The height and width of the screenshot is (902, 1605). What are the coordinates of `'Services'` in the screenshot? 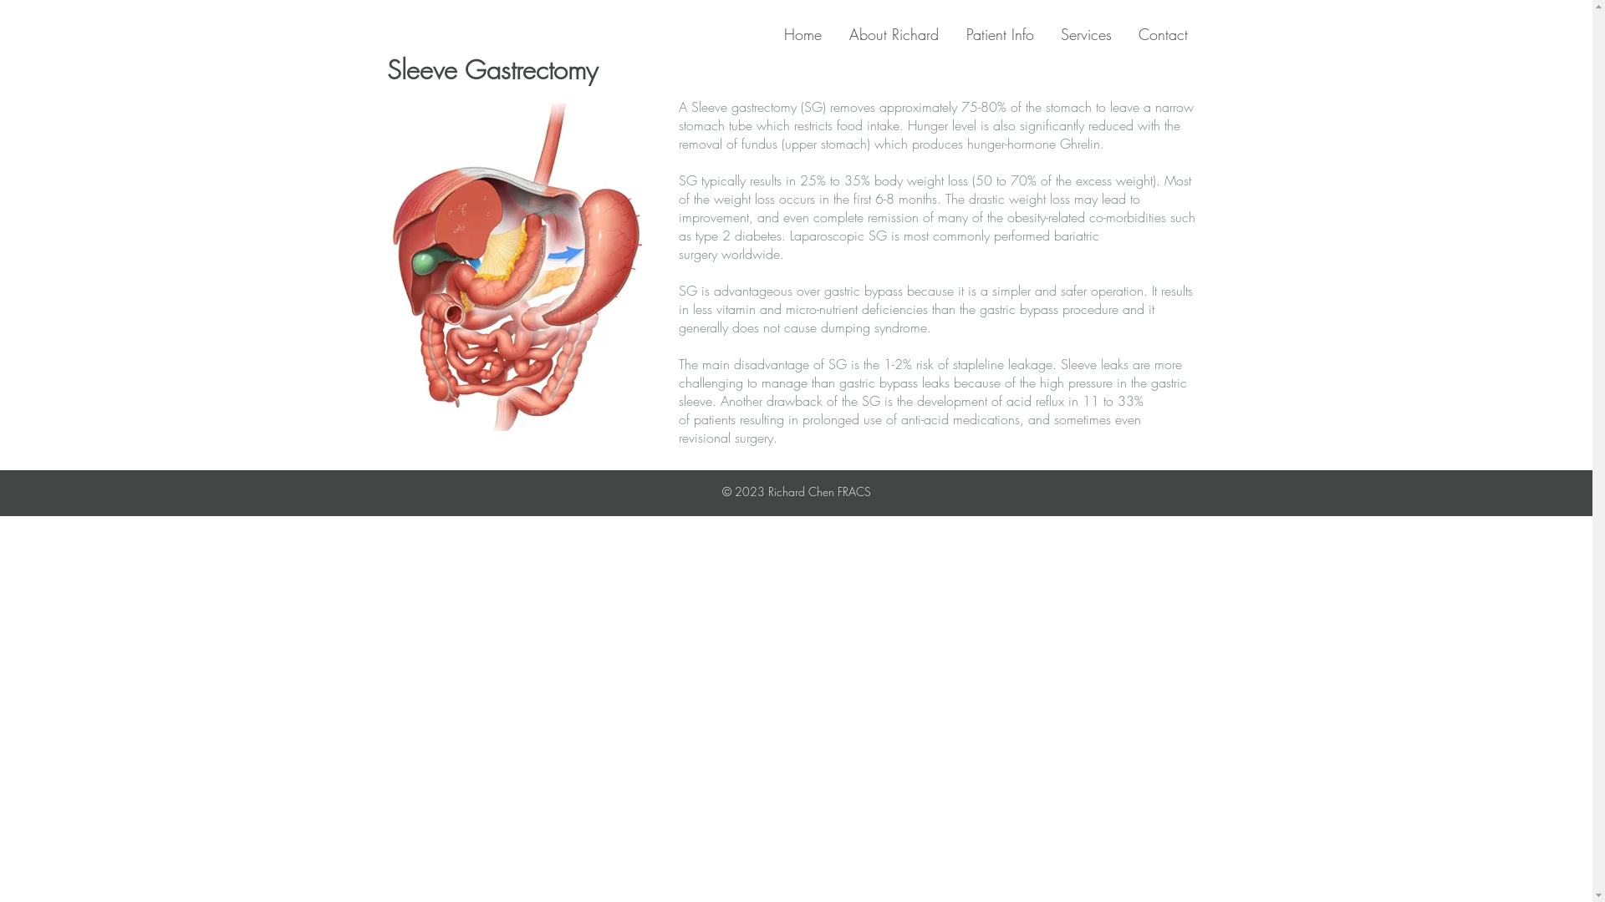 It's located at (1090, 34).